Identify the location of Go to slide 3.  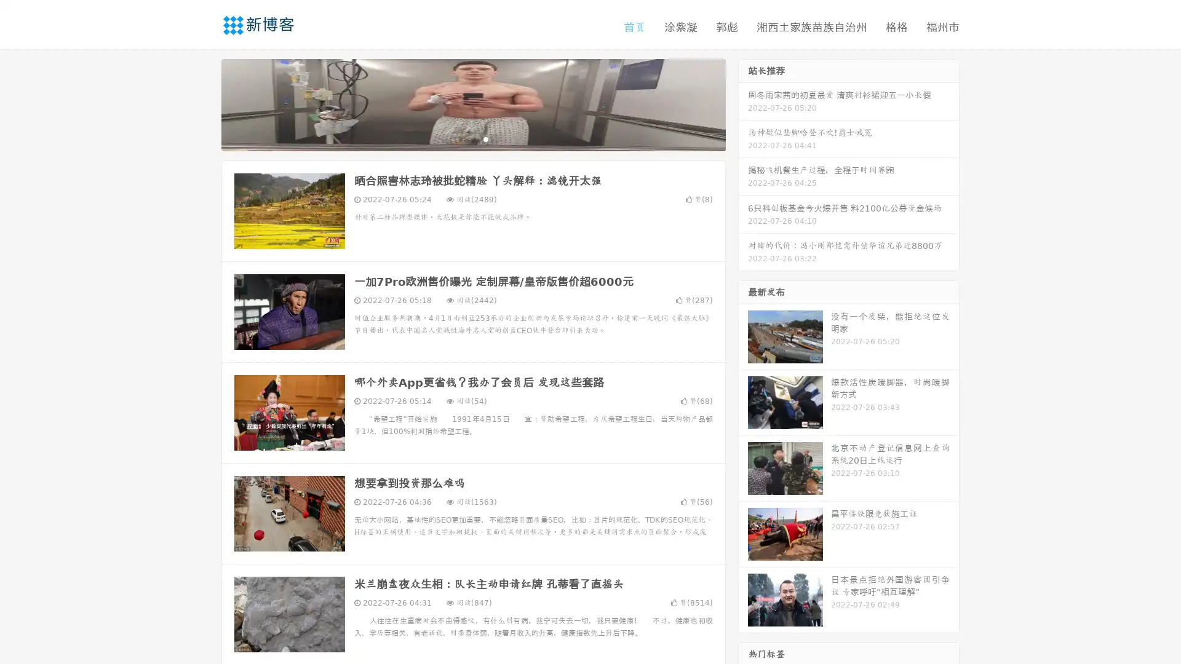
(485, 138).